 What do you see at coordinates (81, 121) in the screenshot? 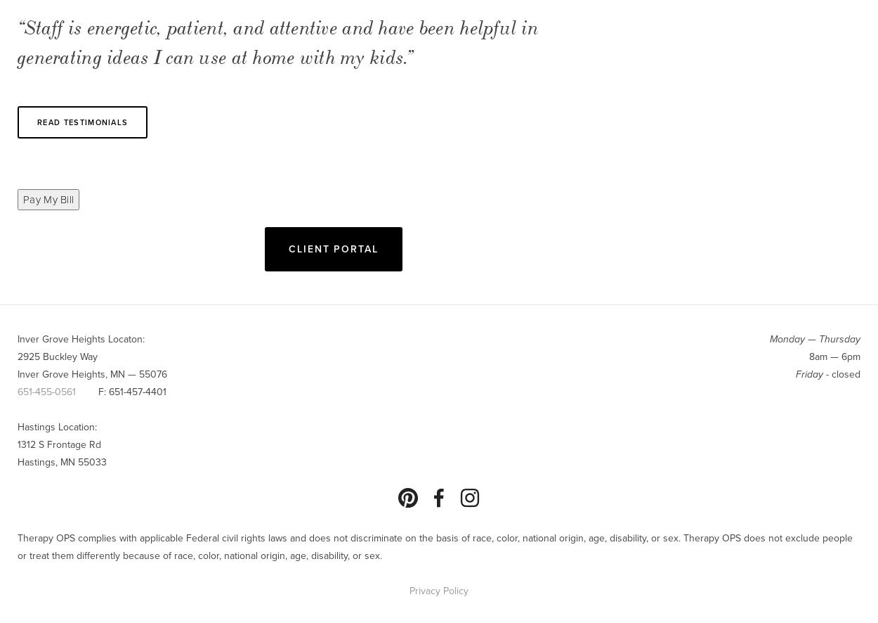
I see `'Read Testimonials'` at bounding box center [81, 121].